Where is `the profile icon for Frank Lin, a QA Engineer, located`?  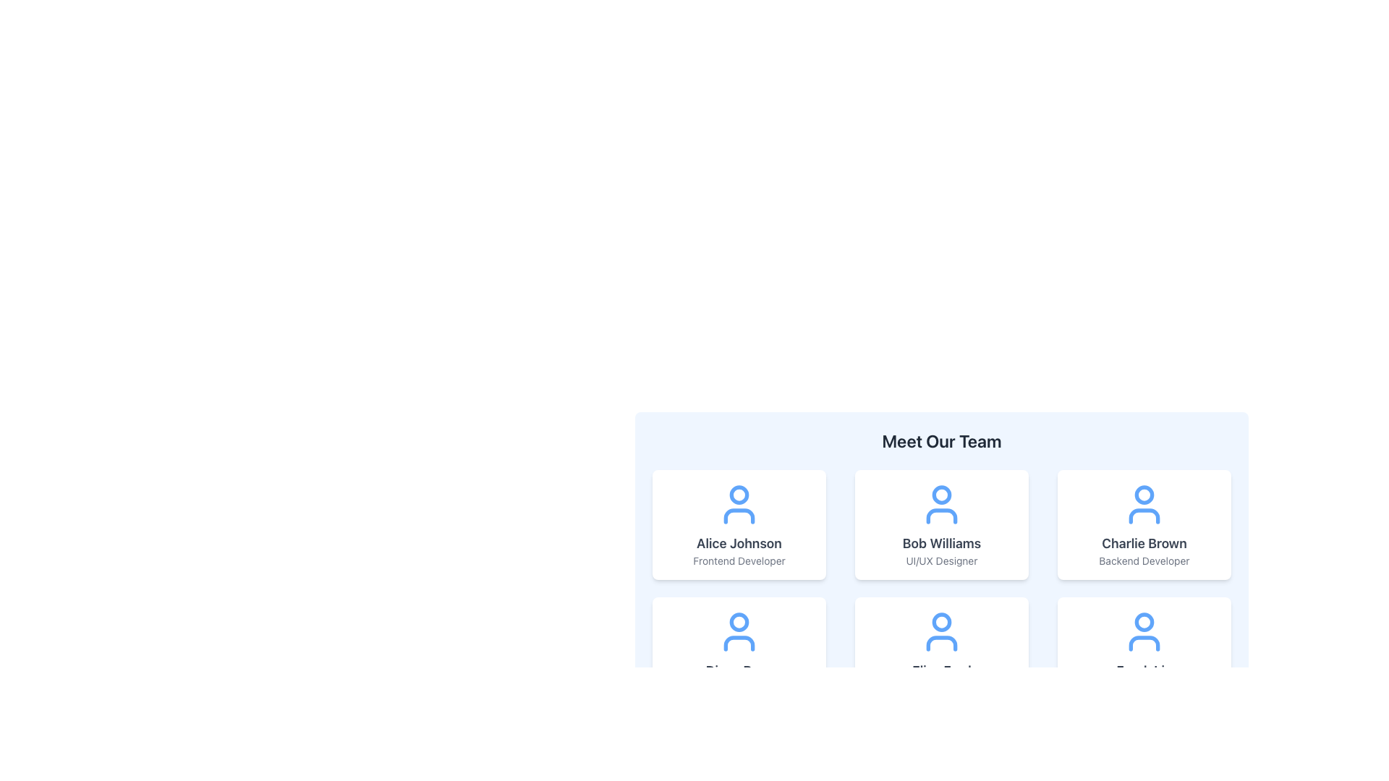
the profile icon for Frank Lin, a QA Engineer, located is located at coordinates (1144, 631).